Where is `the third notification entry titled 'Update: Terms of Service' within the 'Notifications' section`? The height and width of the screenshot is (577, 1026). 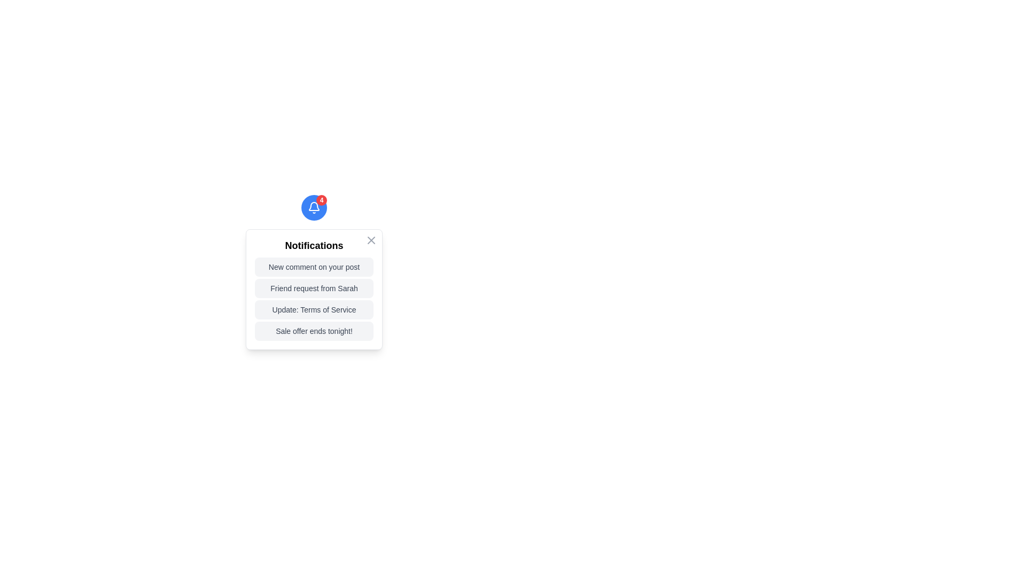 the third notification entry titled 'Update: Terms of Service' within the 'Notifications' section is located at coordinates (314, 299).